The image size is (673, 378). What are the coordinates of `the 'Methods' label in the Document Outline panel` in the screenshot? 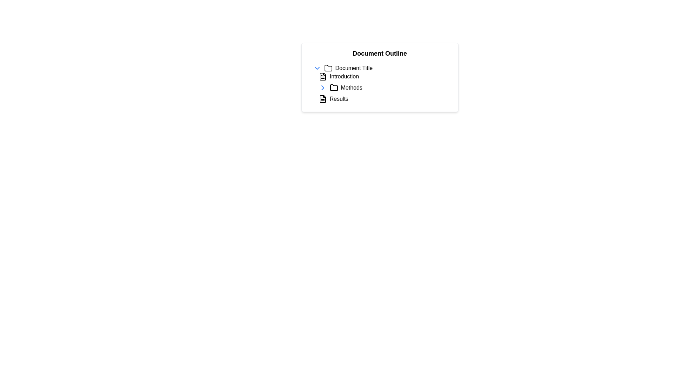 It's located at (352, 87).